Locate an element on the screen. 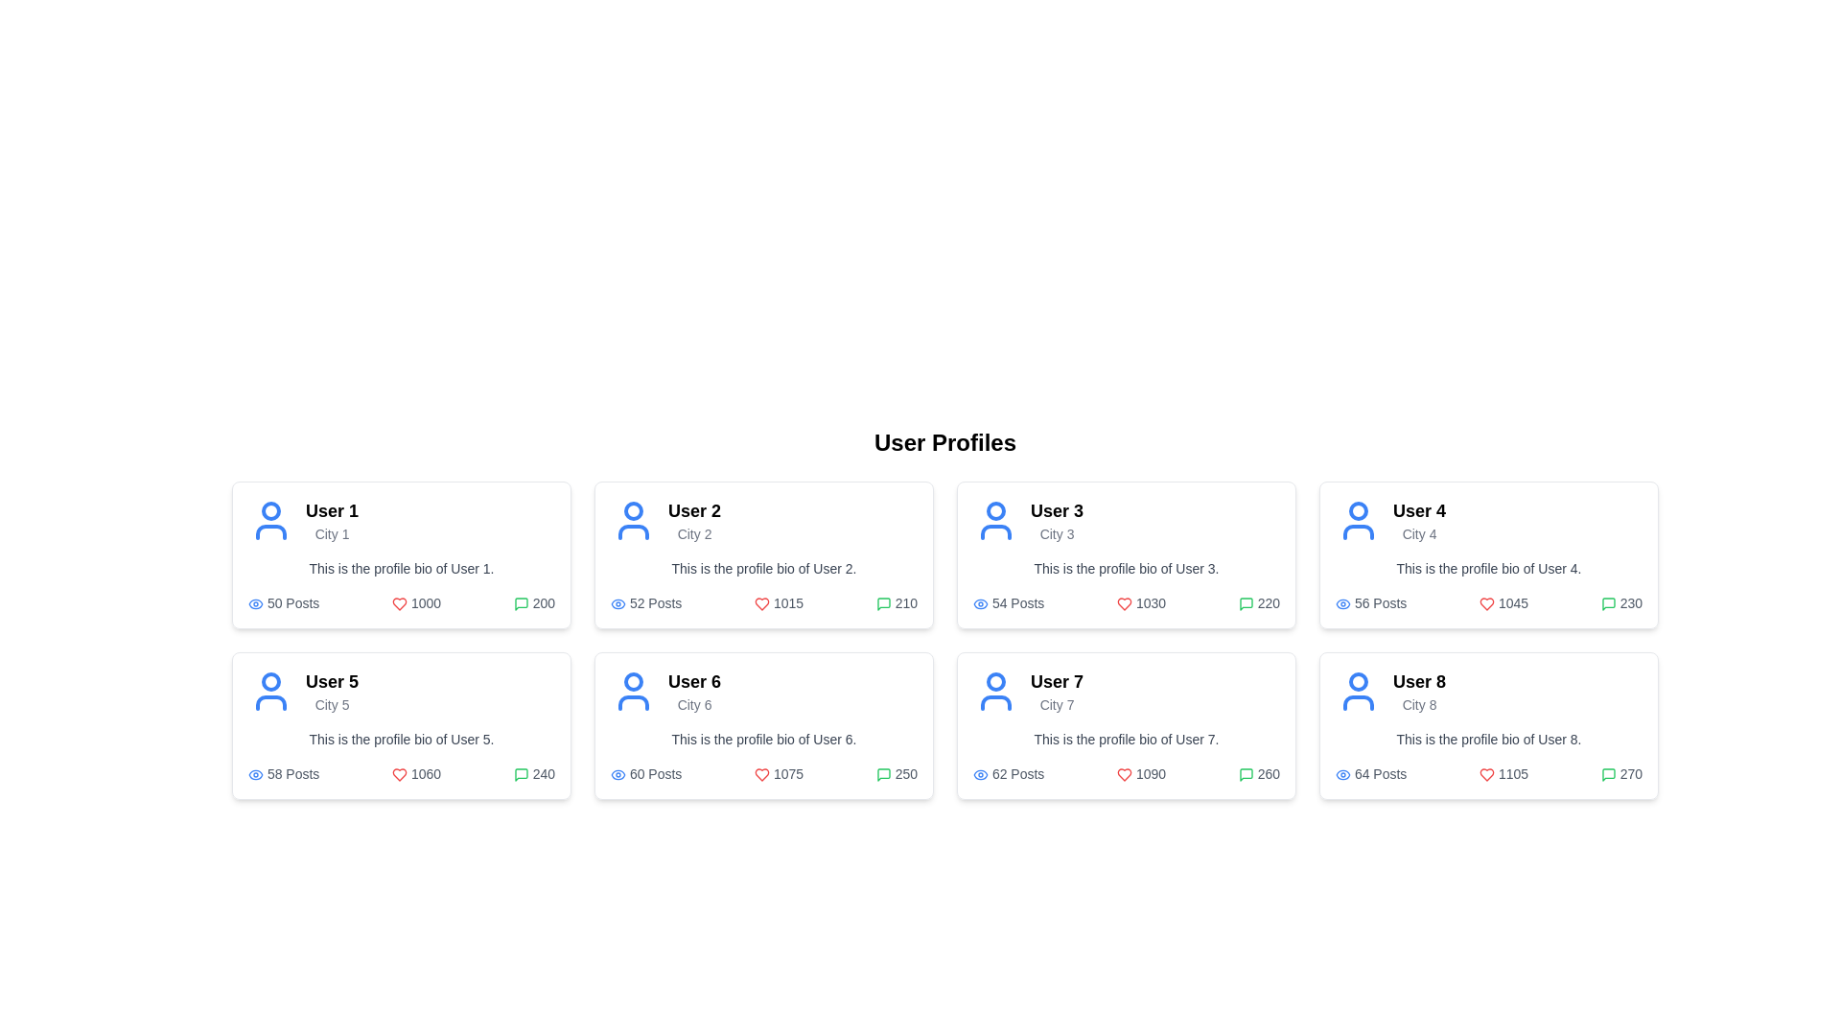  the eye icon with a blue stroke and transparent fill, located to the left of the text '54 Posts' in User 3's profile card is located at coordinates (980, 602).